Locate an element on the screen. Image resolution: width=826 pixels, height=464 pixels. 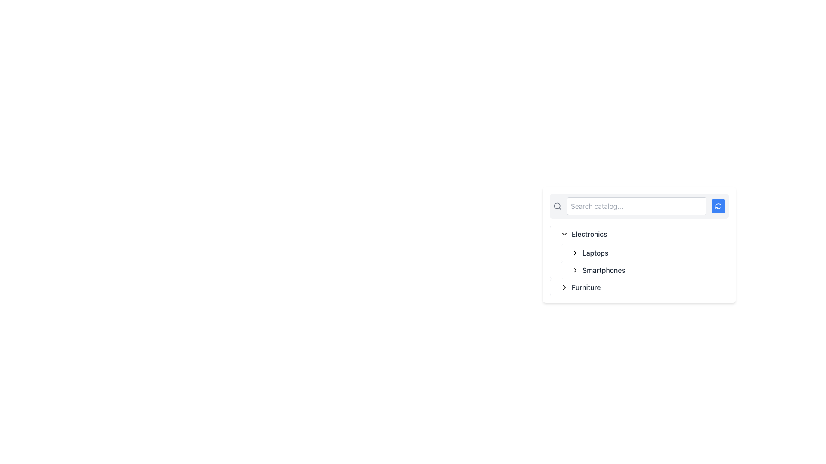
text label displaying 'Laptops' located in the sub-option list of the 'Electronics' dropdown menu in the left navigation panel is located at coordinates (595, 253).